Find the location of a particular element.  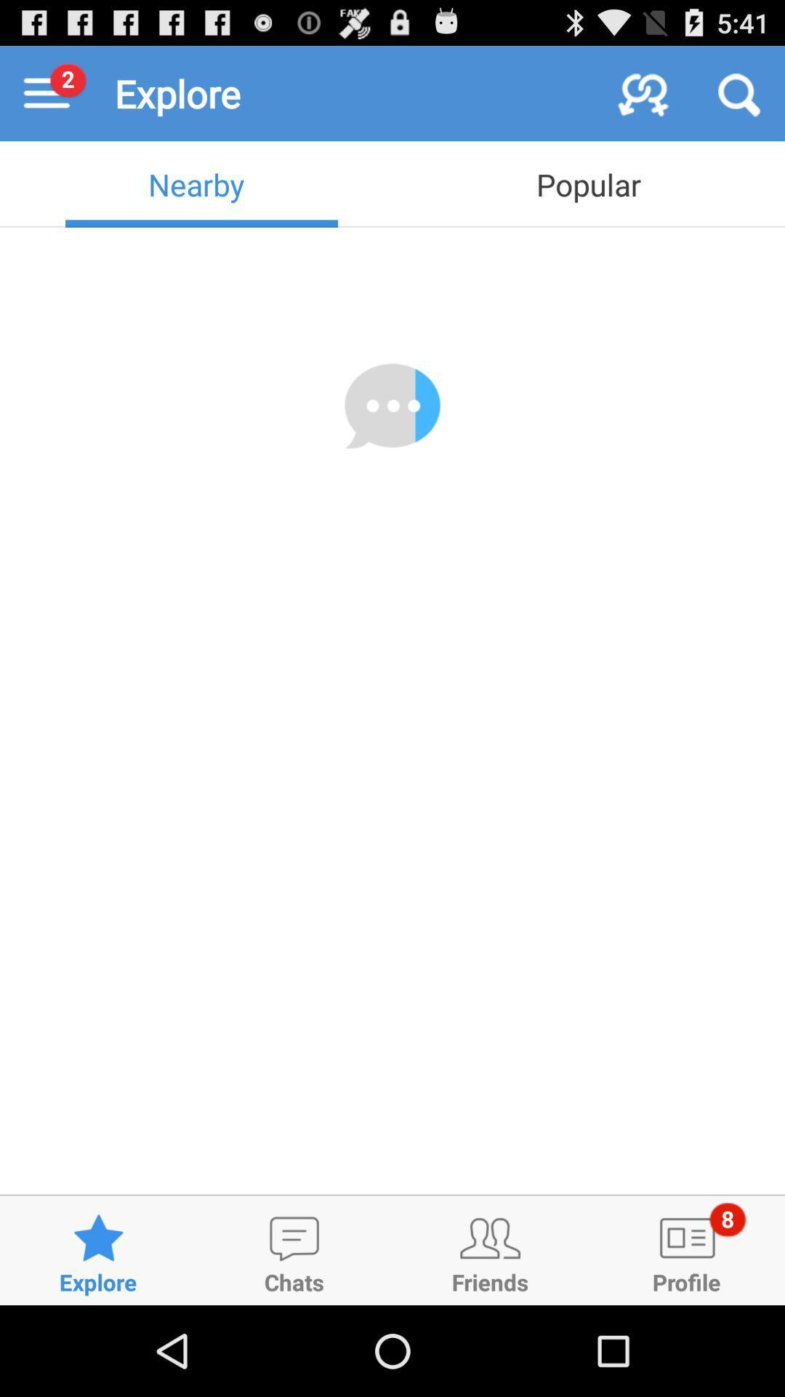

the menu icon is located at coordinates (47, 99).